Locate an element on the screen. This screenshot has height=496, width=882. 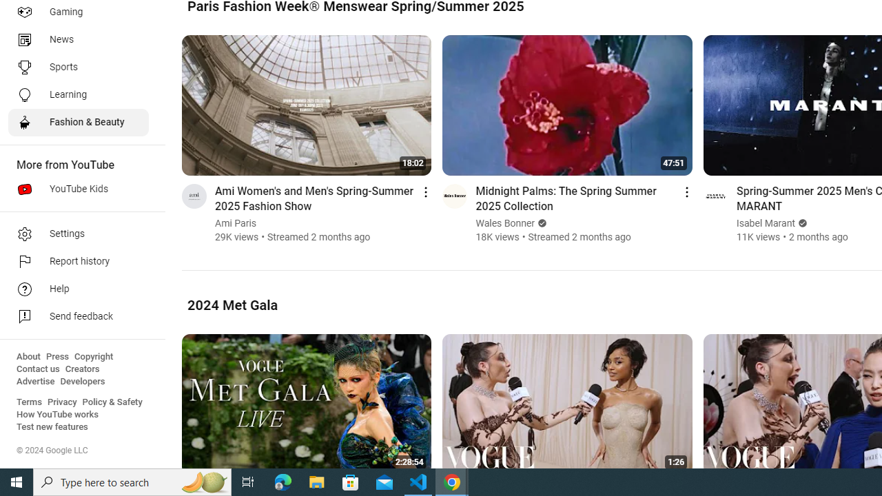
'Report history' is located at coordinates (77, 262).